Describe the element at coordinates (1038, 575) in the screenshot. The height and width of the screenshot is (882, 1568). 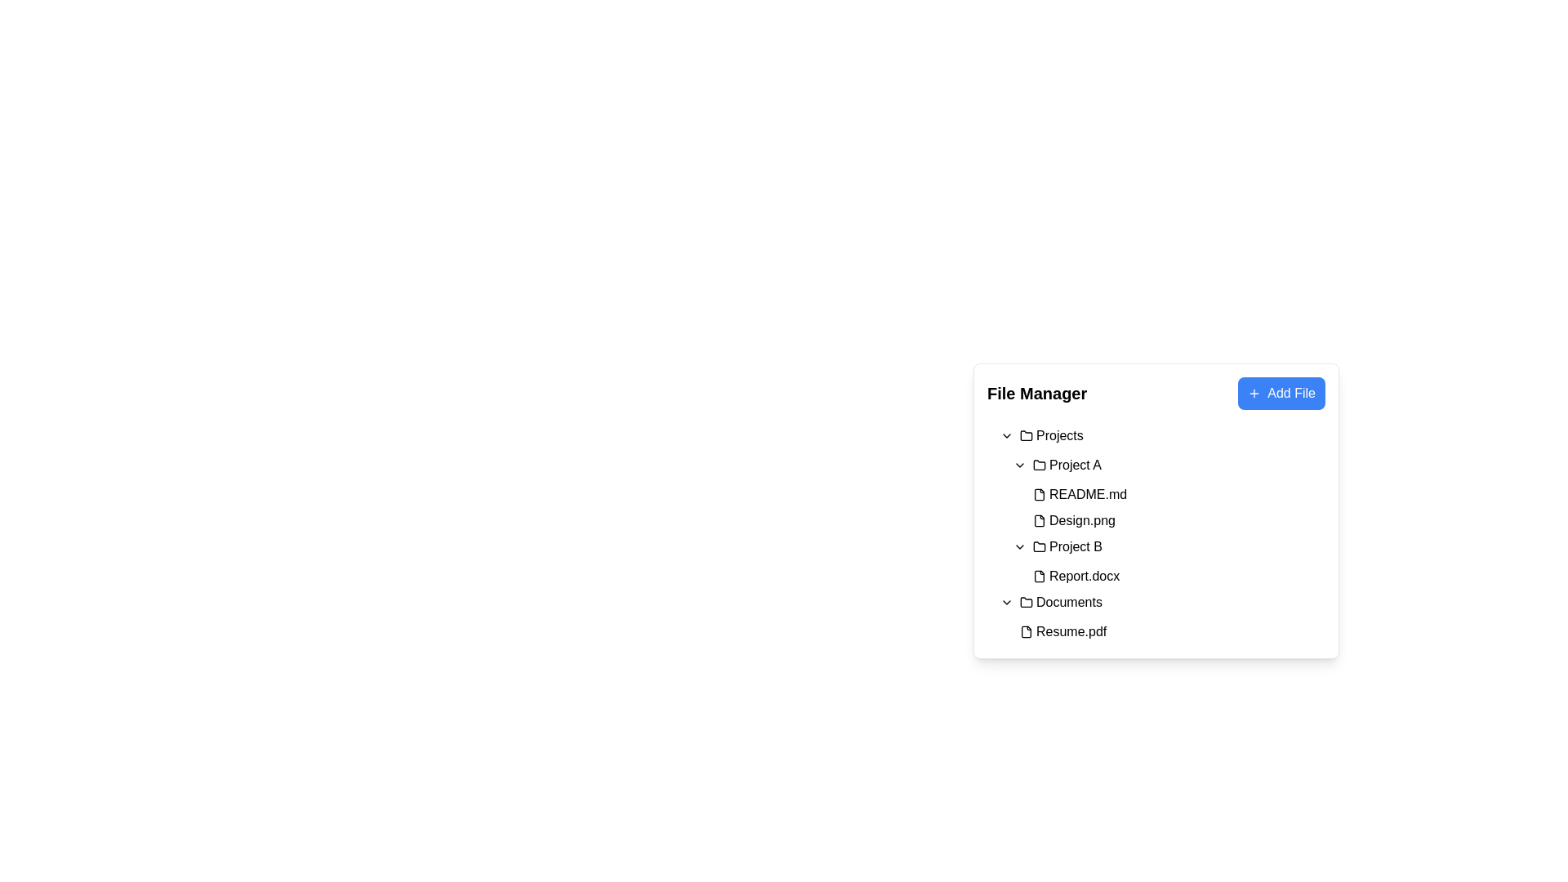
I see `the file icon associated with 'Report.docx' under 'Project B' by clicking on it` at that location.